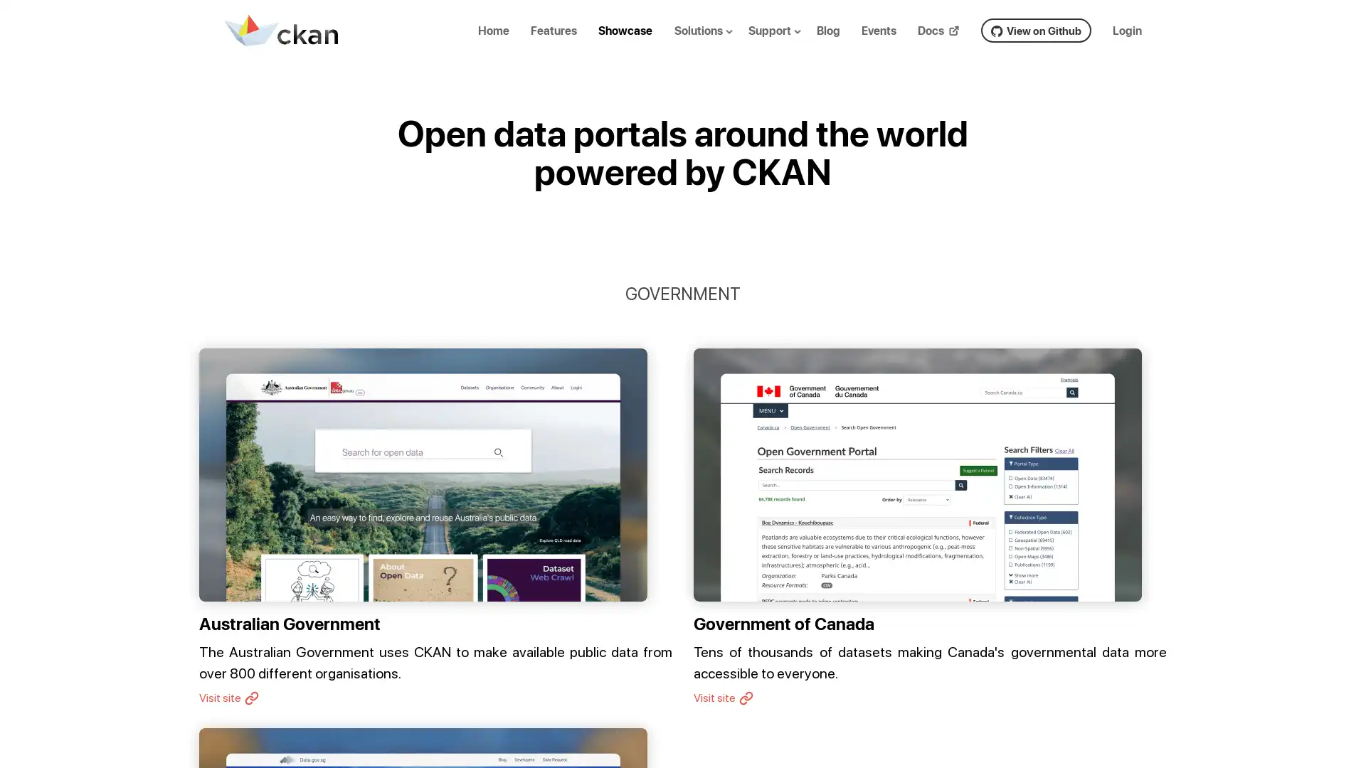  Describe the element at coordinates (785, 41) in the screenshot. I see `Support` at that location.